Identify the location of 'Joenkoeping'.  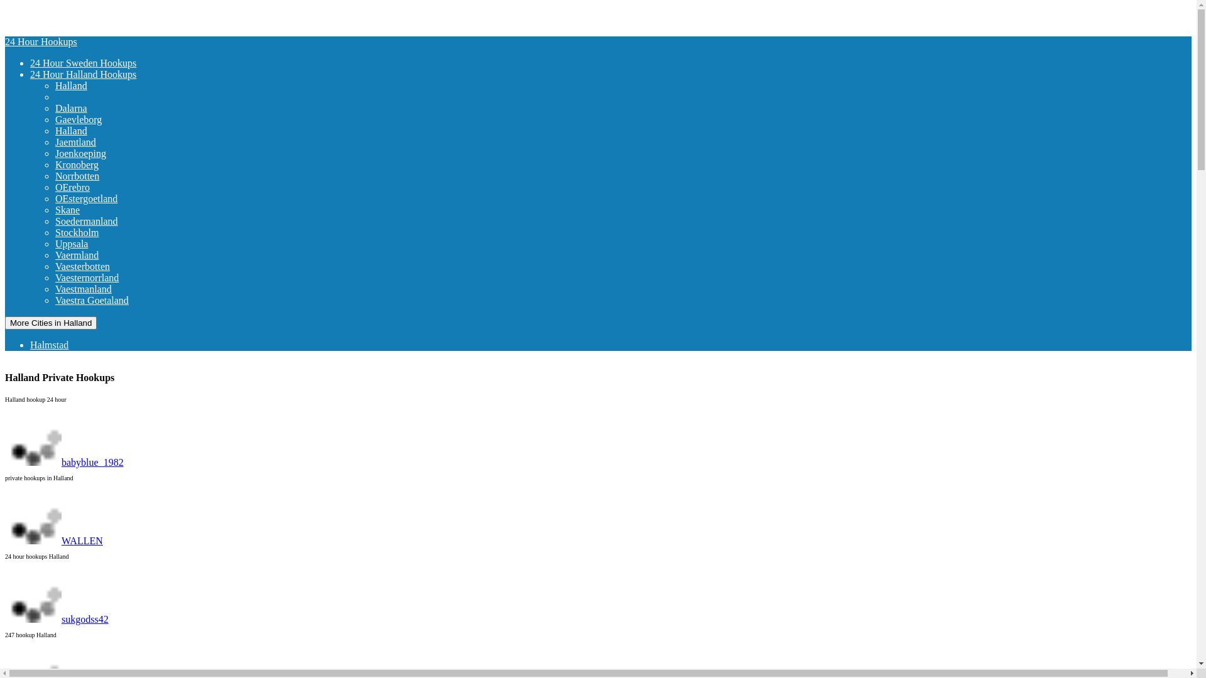
(102, 153).